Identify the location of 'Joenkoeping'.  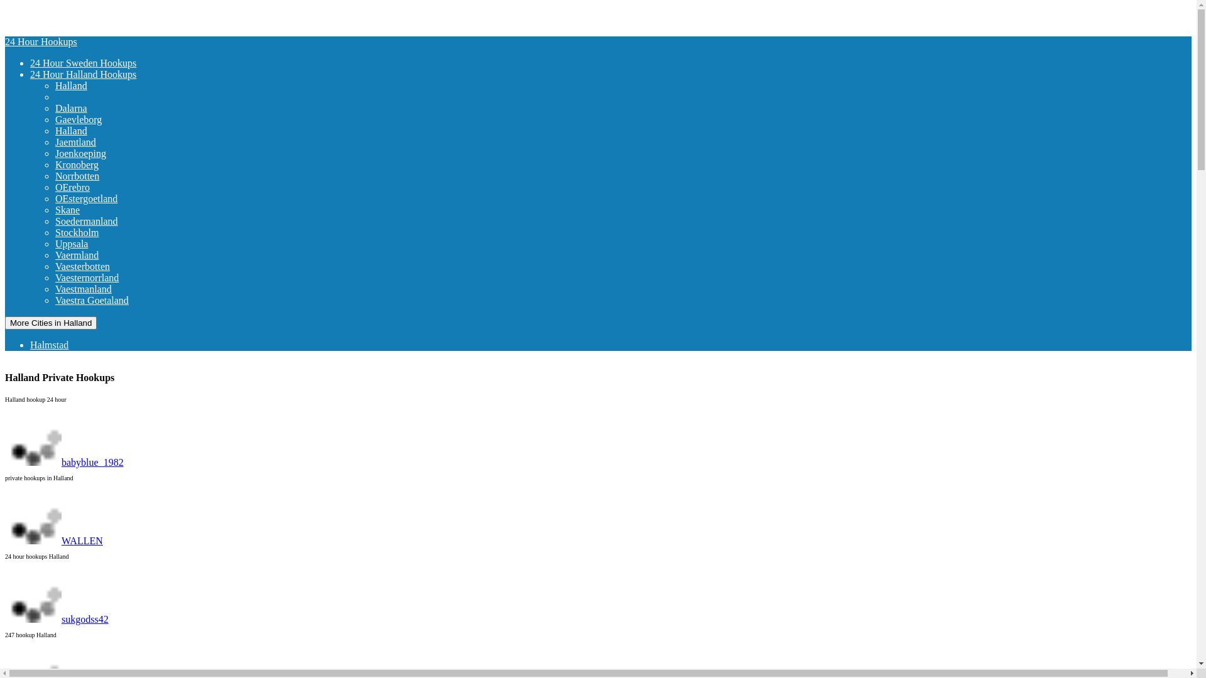
(102, 153).